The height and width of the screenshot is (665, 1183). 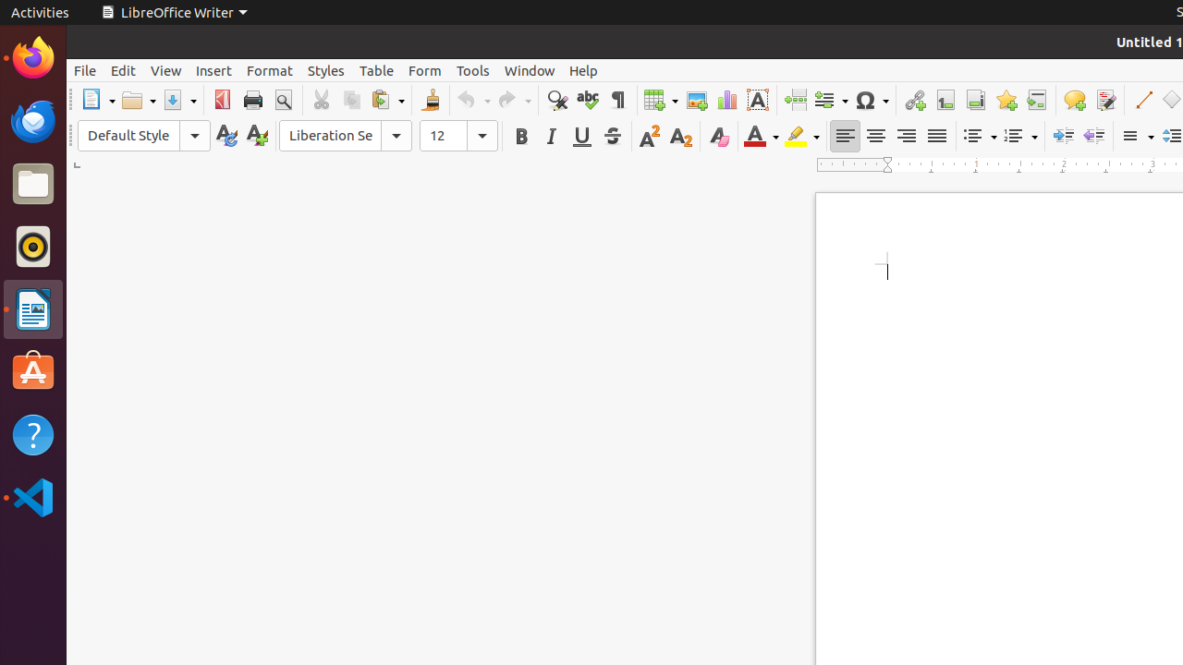 What do you see at coordinates (514, 100) in the screenshot?
I see `'Redo'` at bounding box center [514, 100].